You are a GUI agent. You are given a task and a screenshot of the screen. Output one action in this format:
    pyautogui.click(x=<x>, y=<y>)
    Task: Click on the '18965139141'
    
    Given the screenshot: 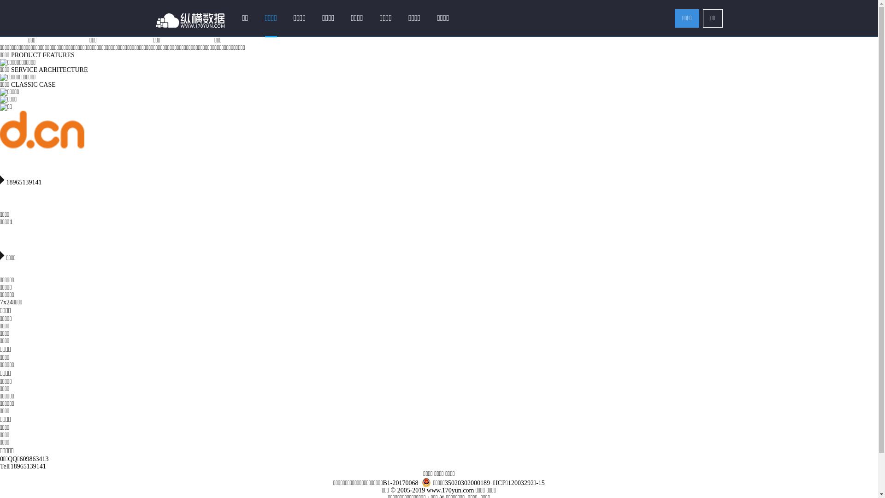 What is the action you would take?
    pyautogui.click(x=0, y=177)
    